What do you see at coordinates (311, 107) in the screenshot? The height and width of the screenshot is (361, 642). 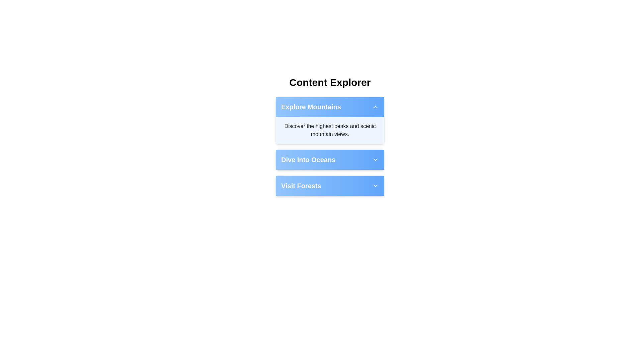 I see `the Text Label that describes the action or content section about exploring mountains, which is positioned on the left side of a horizontally aligned blue box with a gradient background, adjacent to a right-side chevron icon` at bounding box center [311, 107].